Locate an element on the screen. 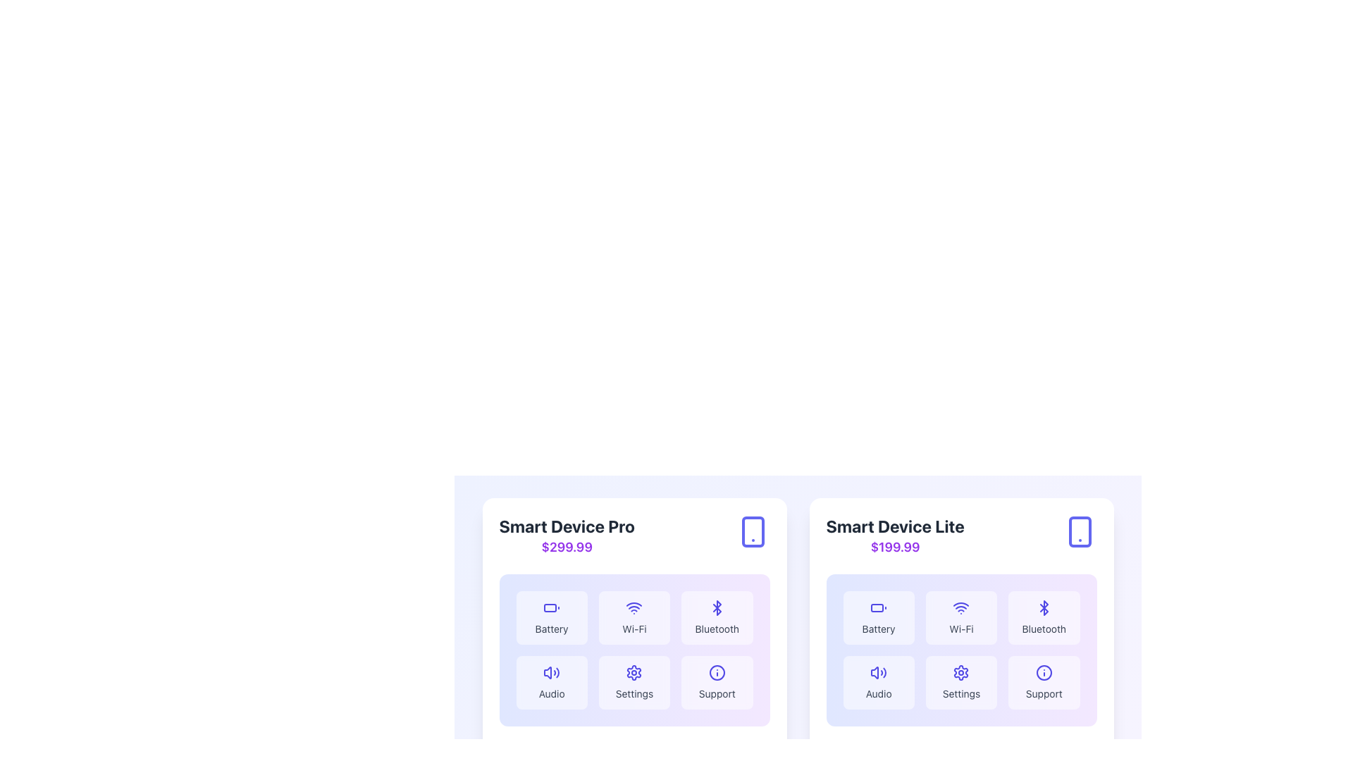  the static text label positioned under the battery icon in the 'Smart Device Pro' section, which indicates its purpose or function is located at coordinates (551, 629).